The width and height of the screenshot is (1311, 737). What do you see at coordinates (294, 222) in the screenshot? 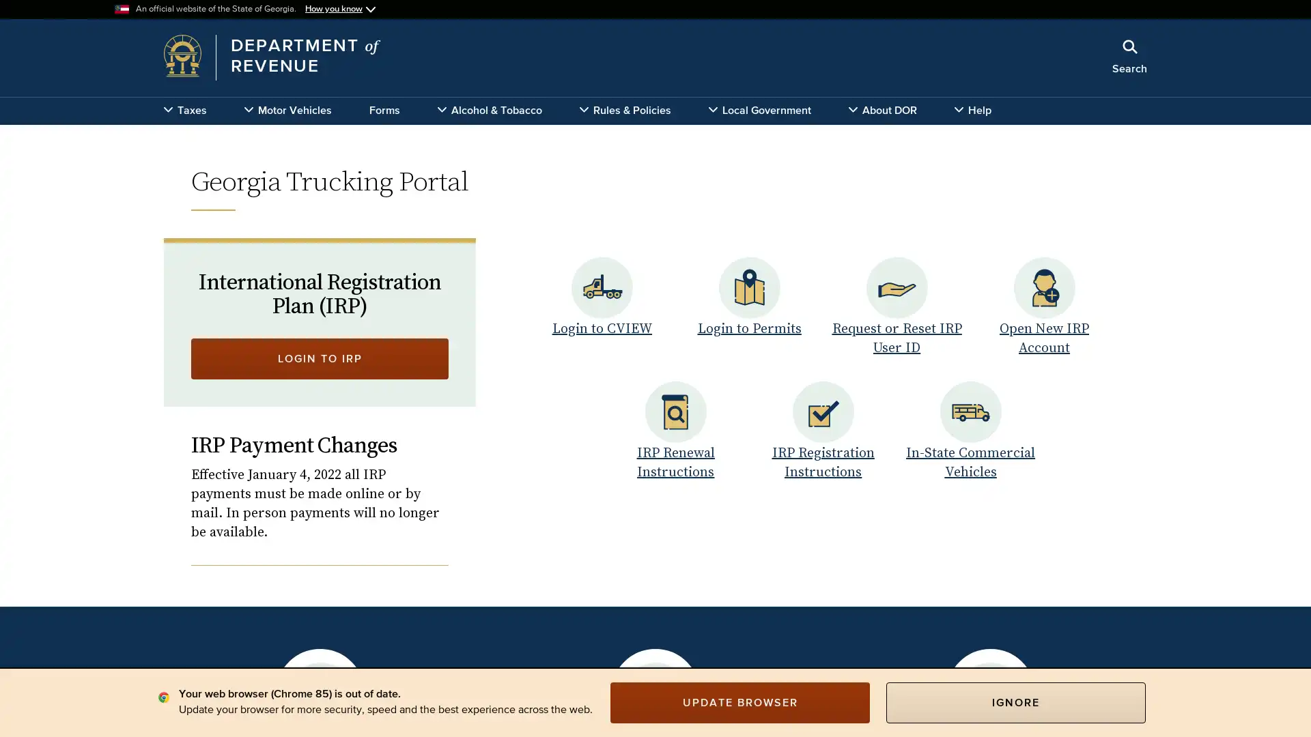
I see `x` at bounding box center [294, 222].